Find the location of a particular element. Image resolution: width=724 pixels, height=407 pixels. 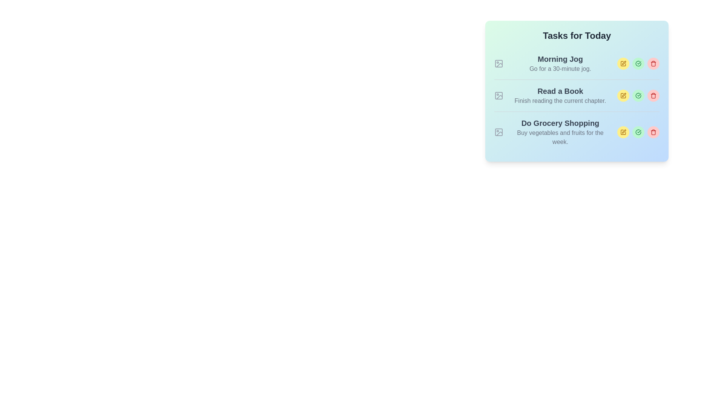

the interactive button with a light red background and a solid red trash can icon is located at coordinates (653, 63).